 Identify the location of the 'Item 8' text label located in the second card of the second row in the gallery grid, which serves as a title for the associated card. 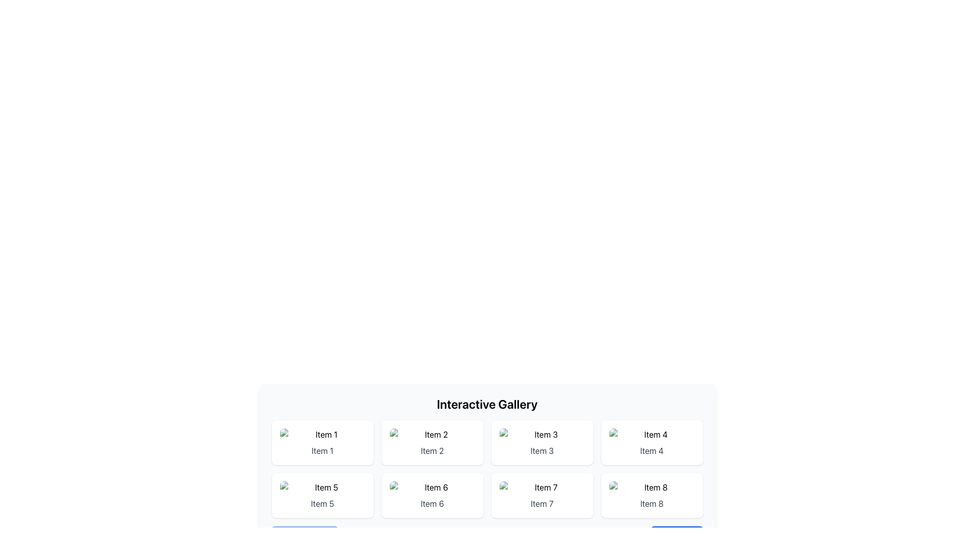
(652, 504).